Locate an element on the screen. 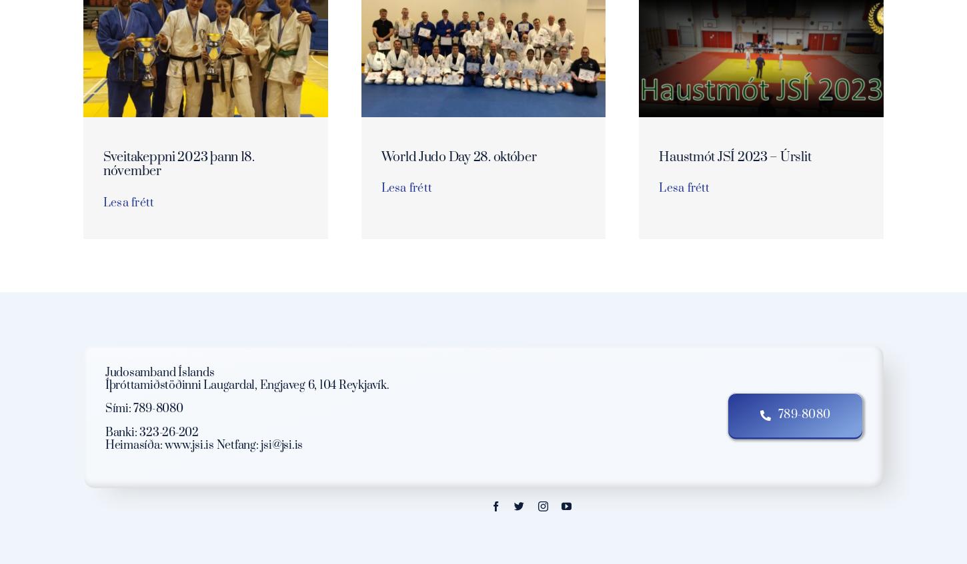 The height and width of the screenshot is (564, 967). 'Banki: 323-26-202' is located at coordinates (151, 431).